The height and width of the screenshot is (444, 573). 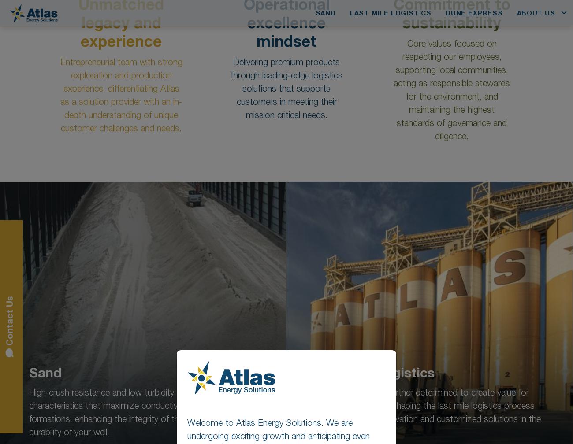 What do you see at coordinates (343, 64) in the screenshot?
I see `'Close Message'` at bounding box center [343, 64].